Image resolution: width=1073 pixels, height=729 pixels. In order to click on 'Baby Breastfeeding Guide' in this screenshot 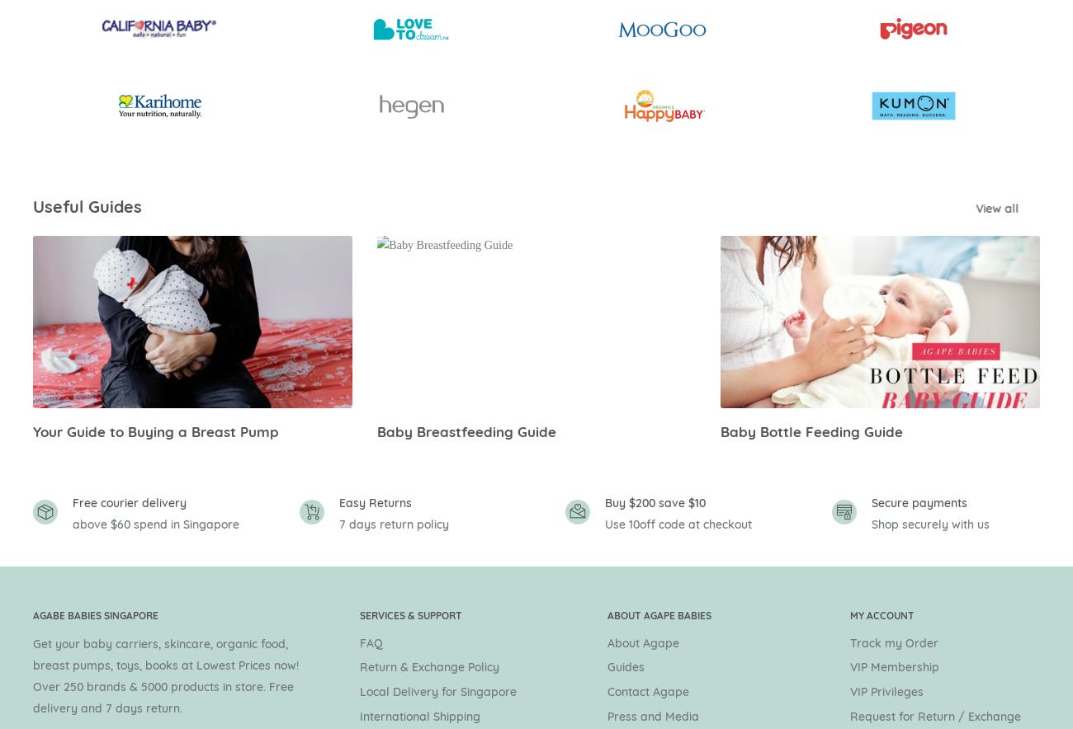, I will do `click(376, 430)`.